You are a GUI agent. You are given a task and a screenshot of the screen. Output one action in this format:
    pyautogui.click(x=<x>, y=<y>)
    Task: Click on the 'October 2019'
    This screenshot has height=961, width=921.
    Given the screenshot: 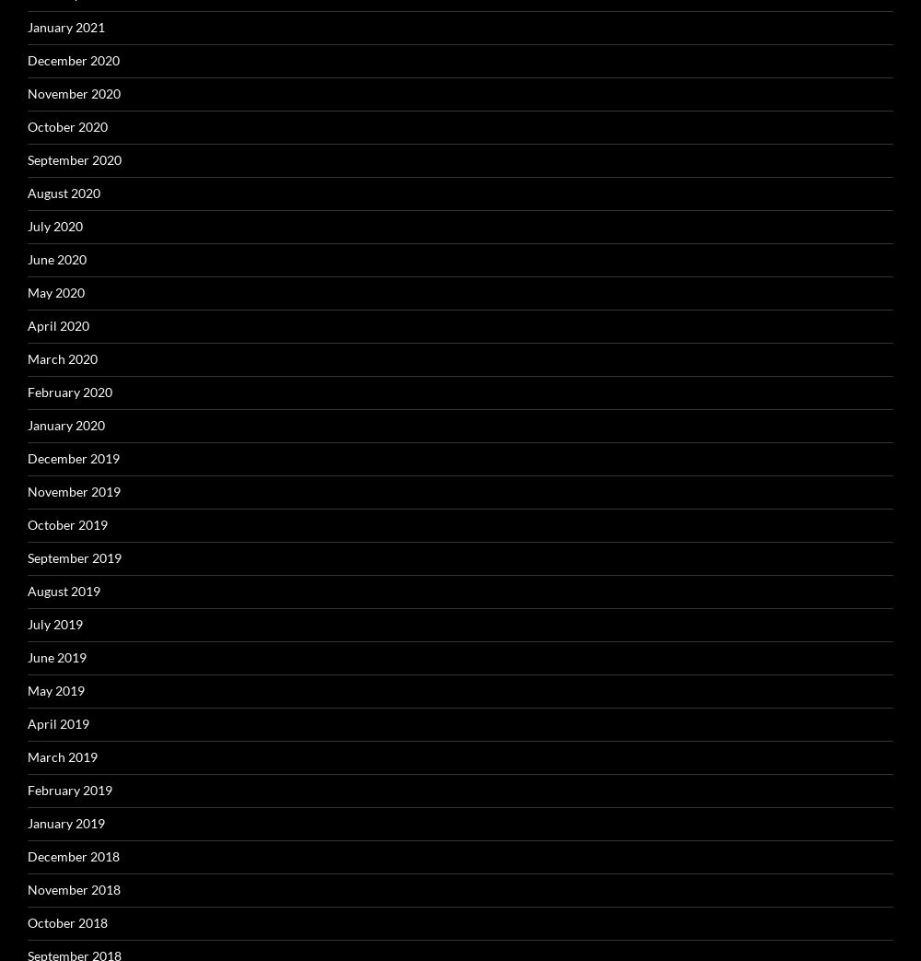 What is the action you would take?
    pyautogui.click(x=66, y=524)
    